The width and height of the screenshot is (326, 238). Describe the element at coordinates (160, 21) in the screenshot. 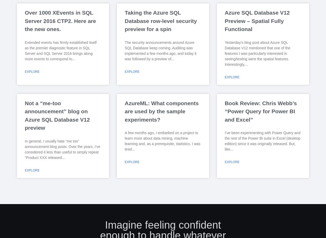

I see `'Taking the Azure SQL Database row-level security preview for a spin'` at that location.